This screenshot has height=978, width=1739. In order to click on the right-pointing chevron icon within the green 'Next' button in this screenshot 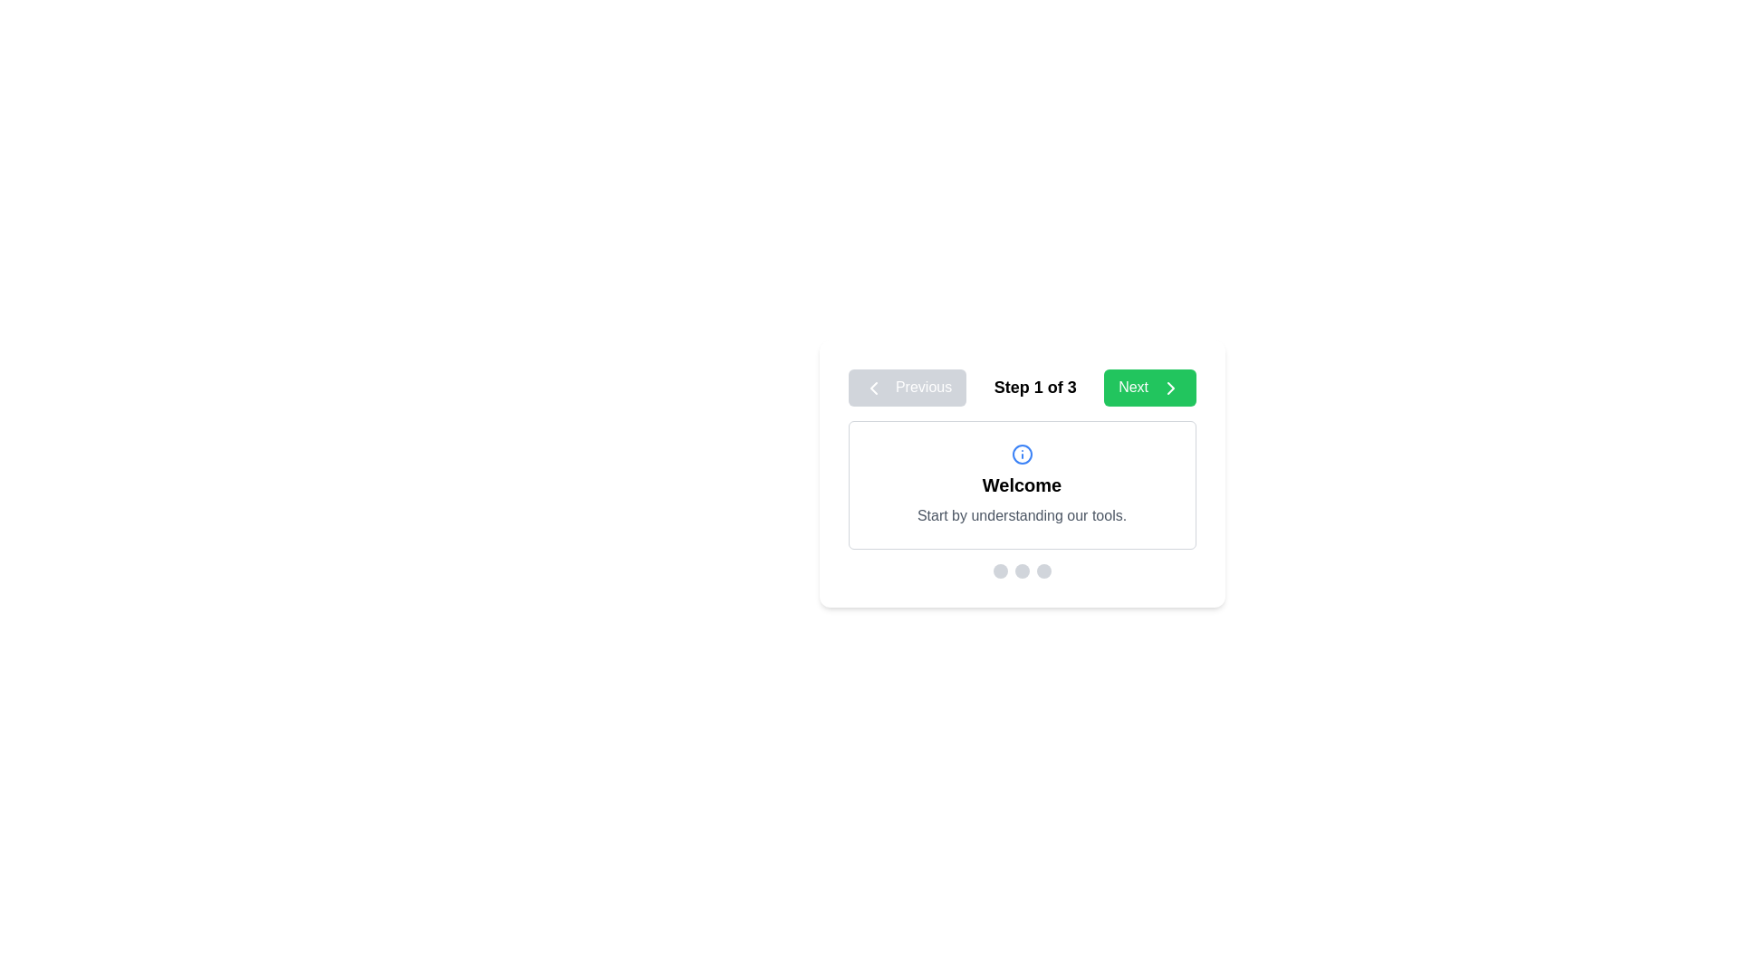, I will do `click(1170, 387)`.